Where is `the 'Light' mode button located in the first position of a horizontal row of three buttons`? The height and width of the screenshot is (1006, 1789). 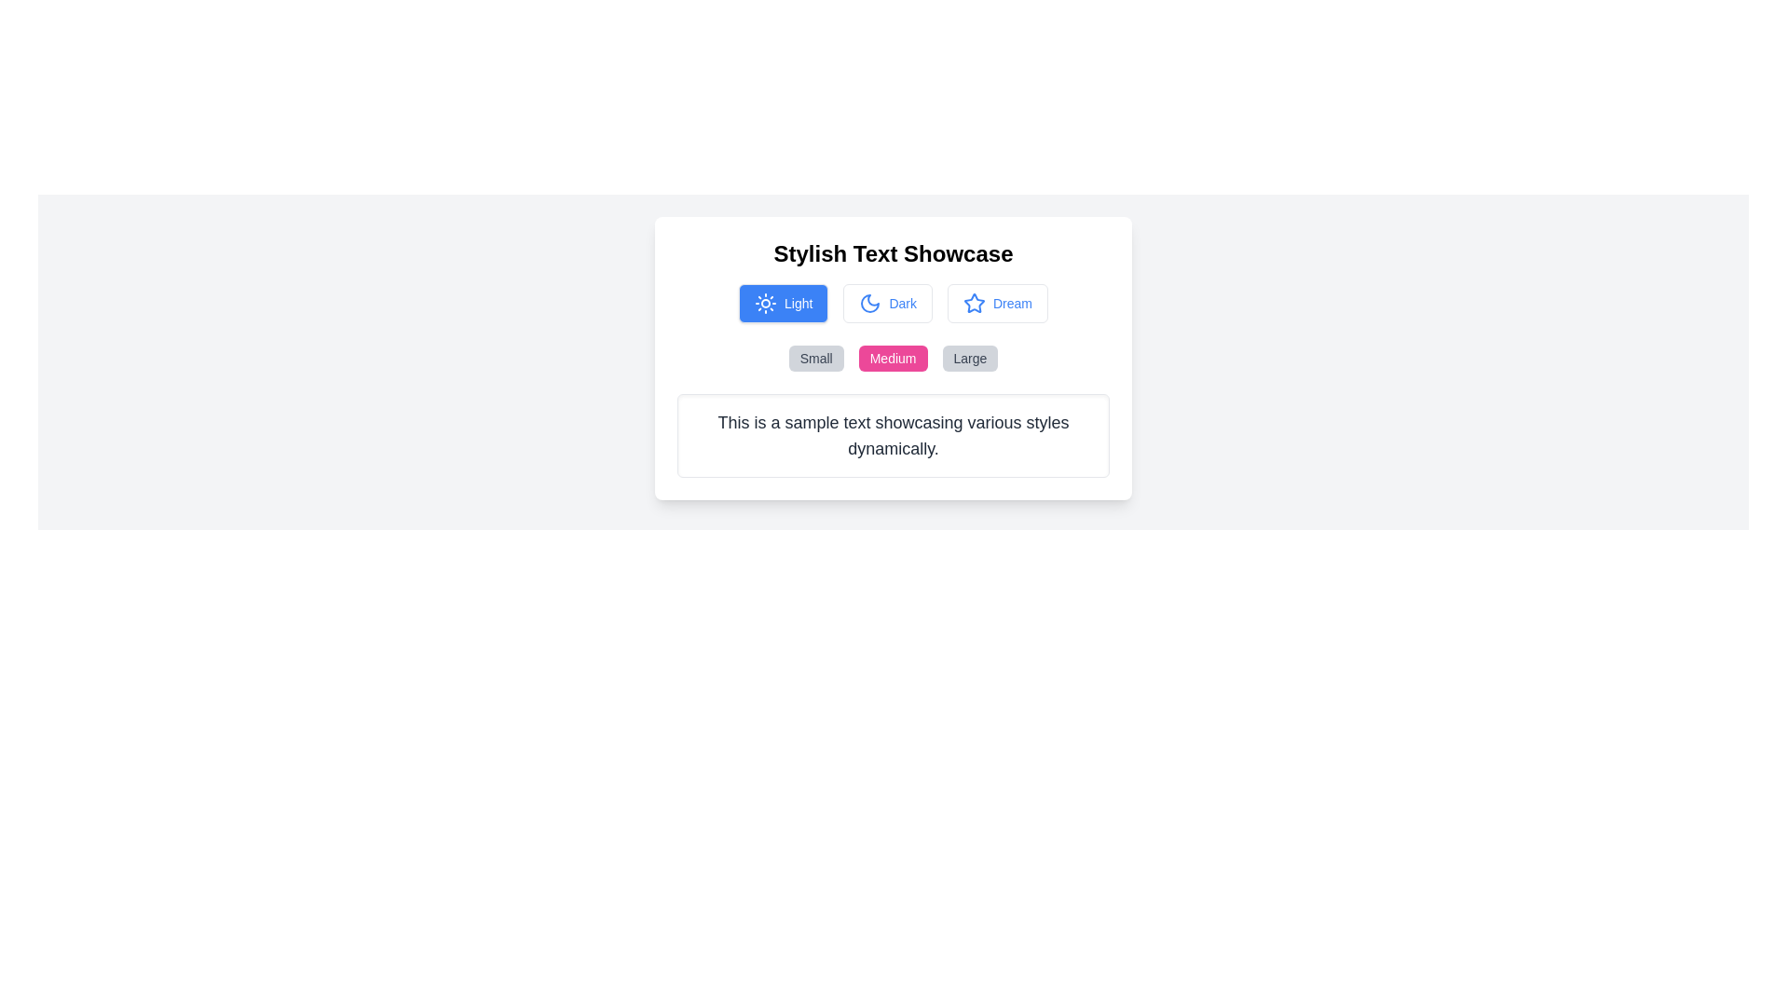
the 'Light' mode button located in the first position of a horizontal row of three buttons is located at coordinates (784, 303).